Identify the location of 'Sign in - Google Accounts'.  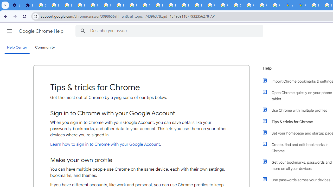
(42, 5).